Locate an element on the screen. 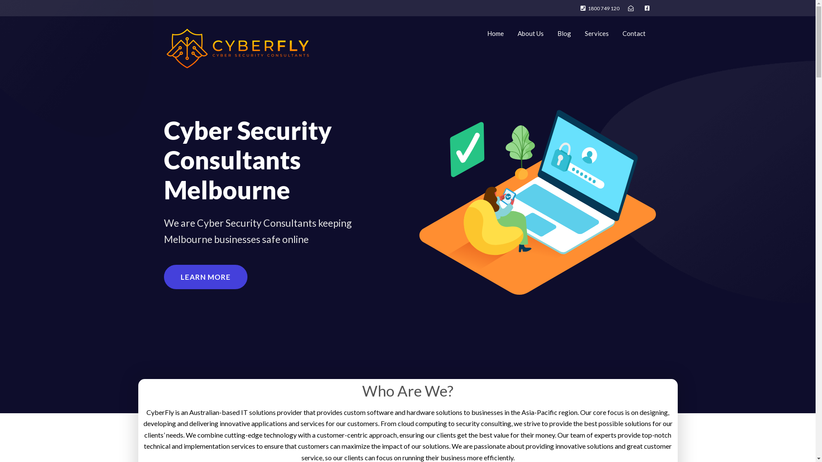  'Home' is located at coordinates (495, 33).